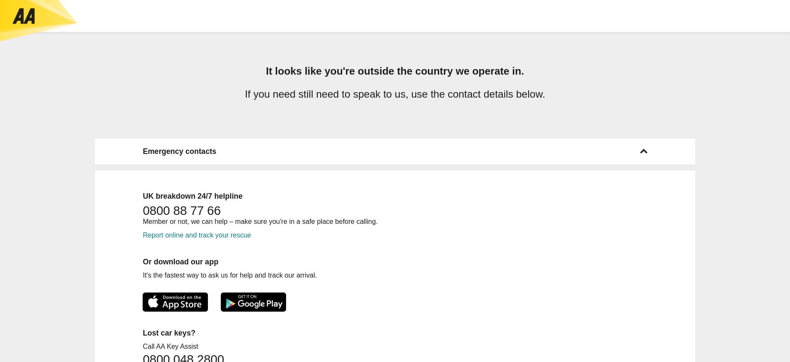 The height and width of the screenshot is (362, 790). Describe the element at coordinates (395, 93) in the screenshot. I see `'If you need still need to speak to us, use the contact details below.'` at that location.